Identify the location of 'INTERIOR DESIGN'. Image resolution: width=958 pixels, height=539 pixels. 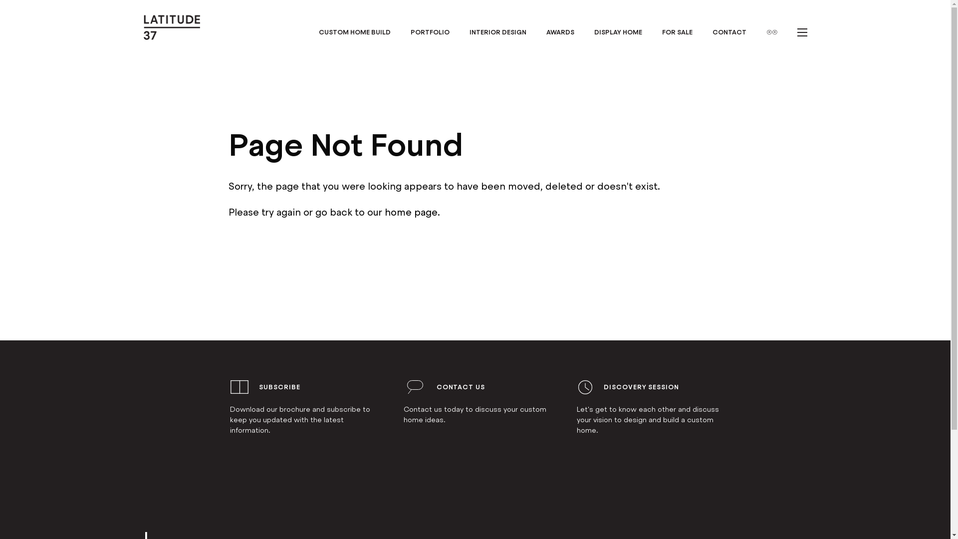
(497, 32).